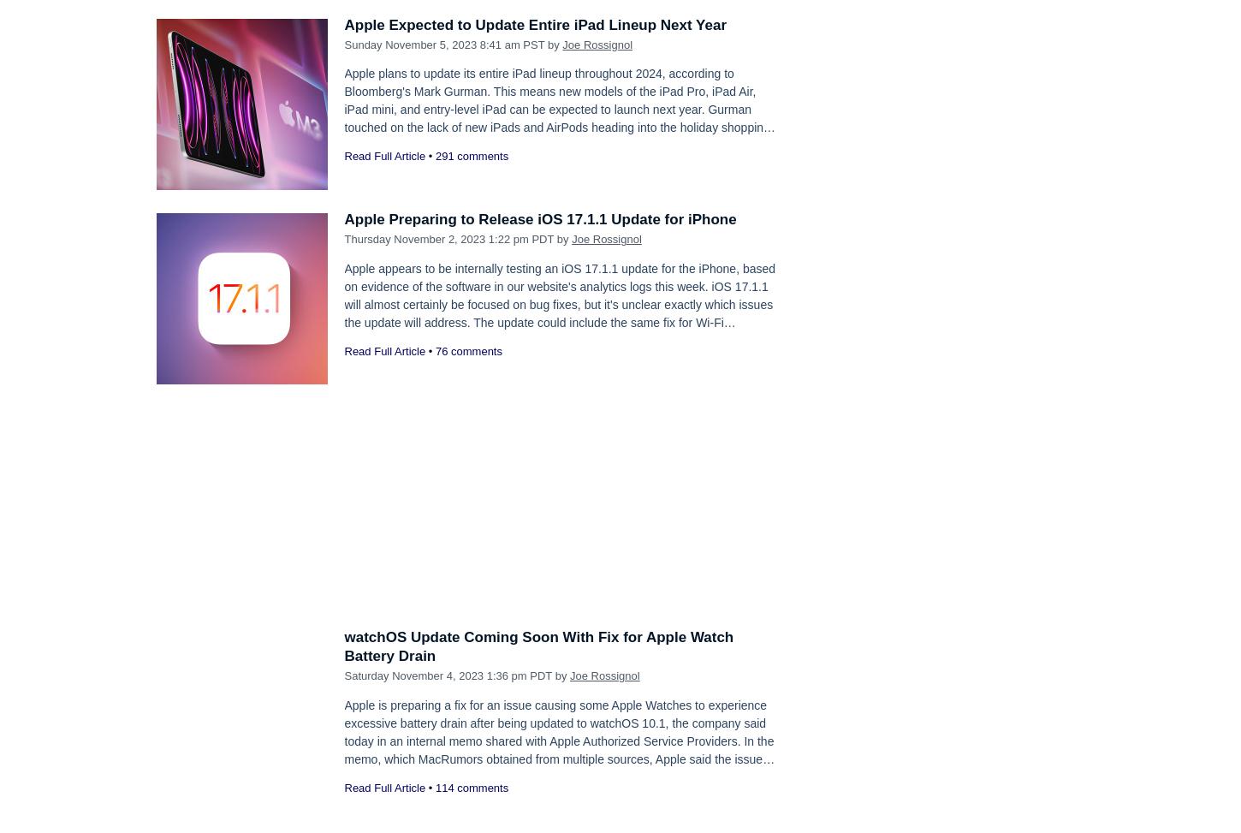 This screenshot has height=833, width=1241. What do you see at coordinates (537, 646) in the screenshot?
I see `'watchOS Update Coming Soon With Fix for Apple Watch Battery Drain'` at bounding box center [537, 646].